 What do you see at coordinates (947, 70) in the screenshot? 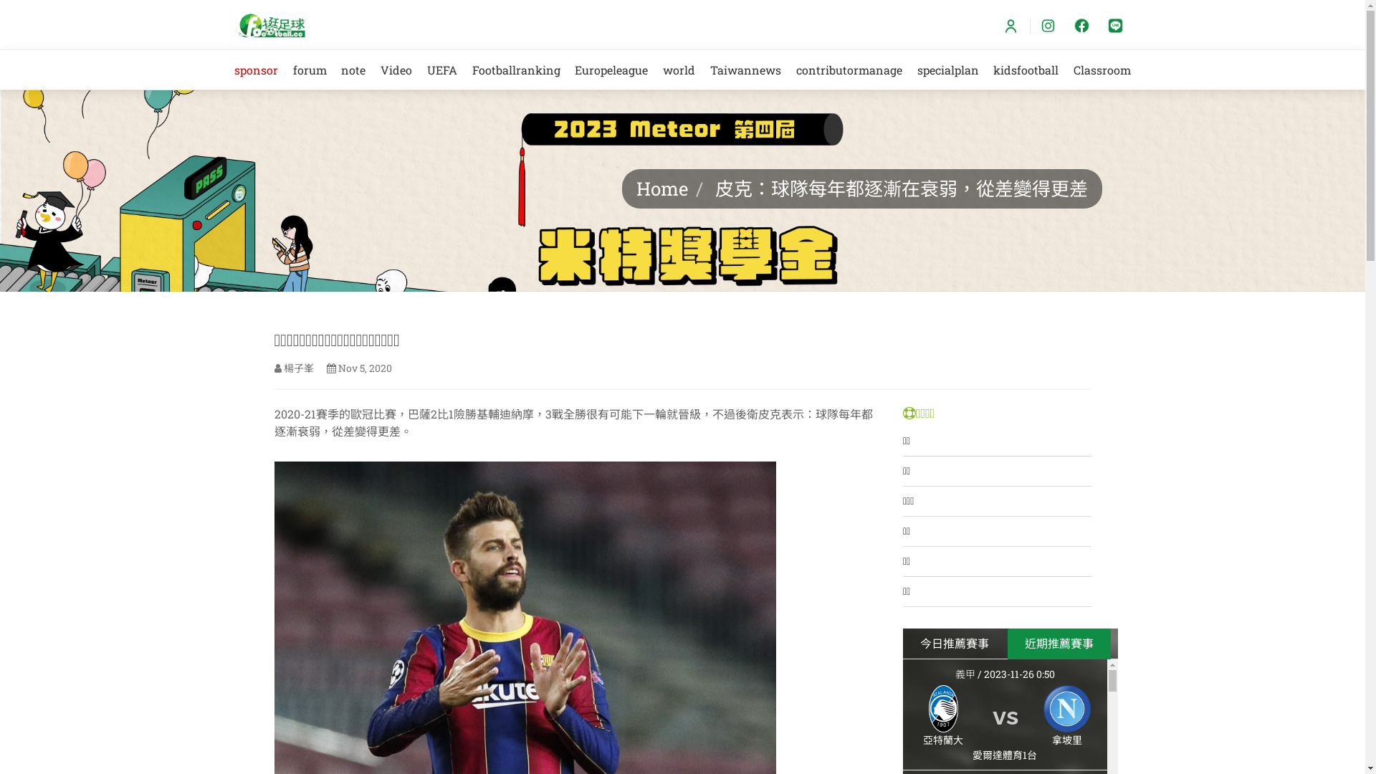
I see `'specialplan'` at bounding box center [947, 70].